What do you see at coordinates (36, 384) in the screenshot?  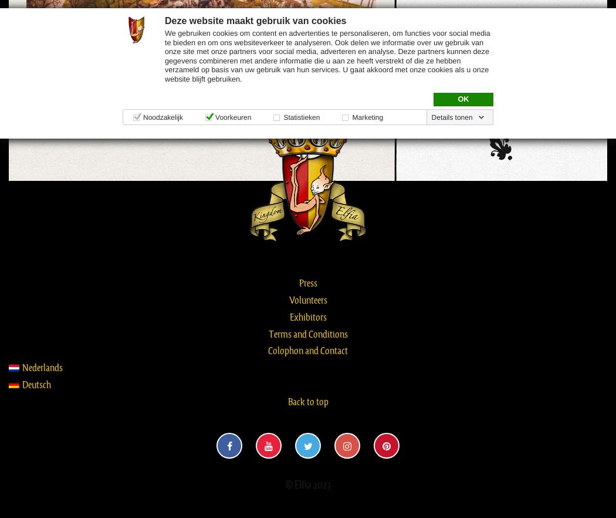 I see `'Deutsch'` at bounding box center [36, 384].